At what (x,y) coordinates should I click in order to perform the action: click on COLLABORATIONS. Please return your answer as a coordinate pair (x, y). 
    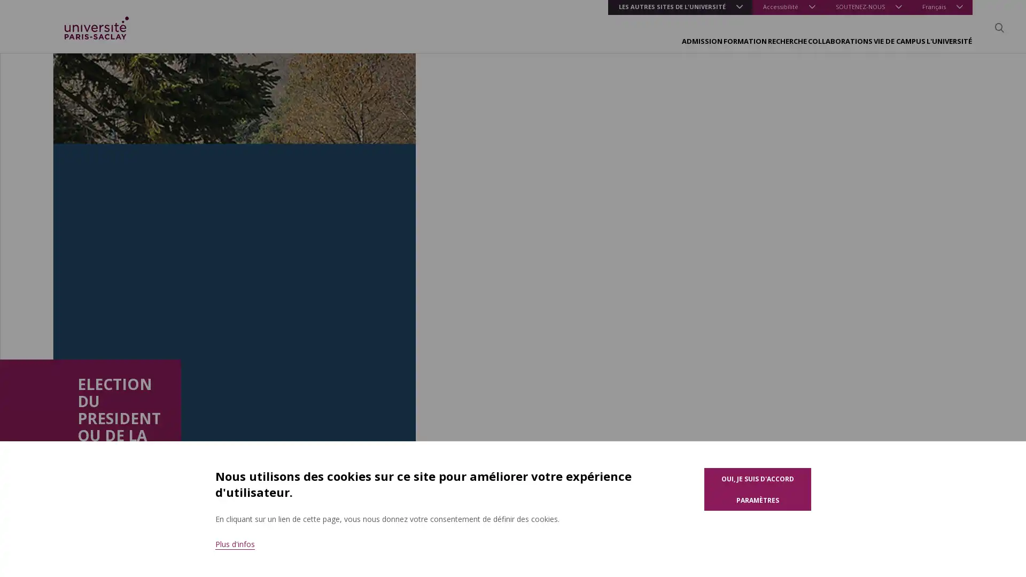
    Looking at the image, I should click on (761, 36).